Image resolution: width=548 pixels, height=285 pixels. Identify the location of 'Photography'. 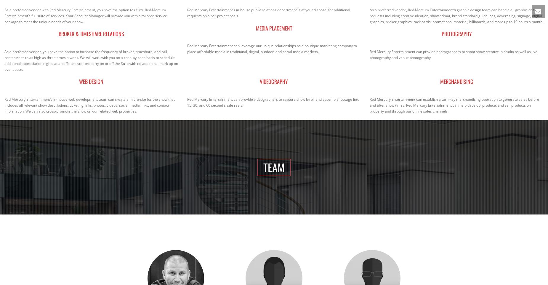
(456, 33).